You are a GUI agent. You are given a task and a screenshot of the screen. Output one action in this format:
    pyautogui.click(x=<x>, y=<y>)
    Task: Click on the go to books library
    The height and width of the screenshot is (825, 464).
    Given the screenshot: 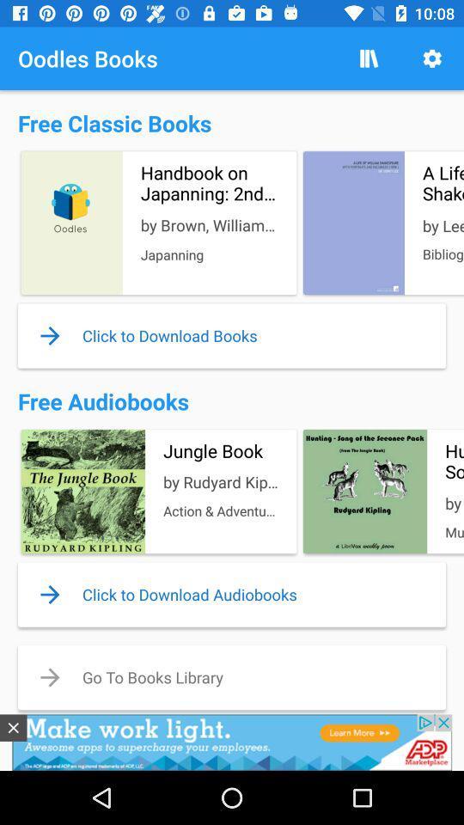 What is the action you would take?
    pyautogui.click(x=232, y=677)
    